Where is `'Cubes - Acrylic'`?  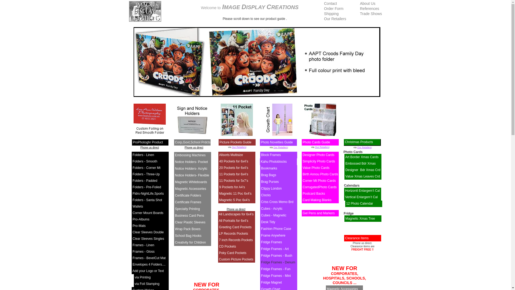 'Cubes - Acrylic' is located at coordinates (261, 208).